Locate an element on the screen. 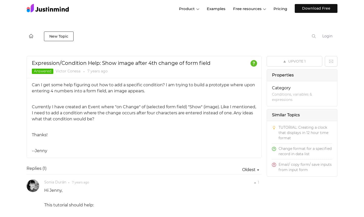  'Prototyping' is located at coordinates (212, 29).